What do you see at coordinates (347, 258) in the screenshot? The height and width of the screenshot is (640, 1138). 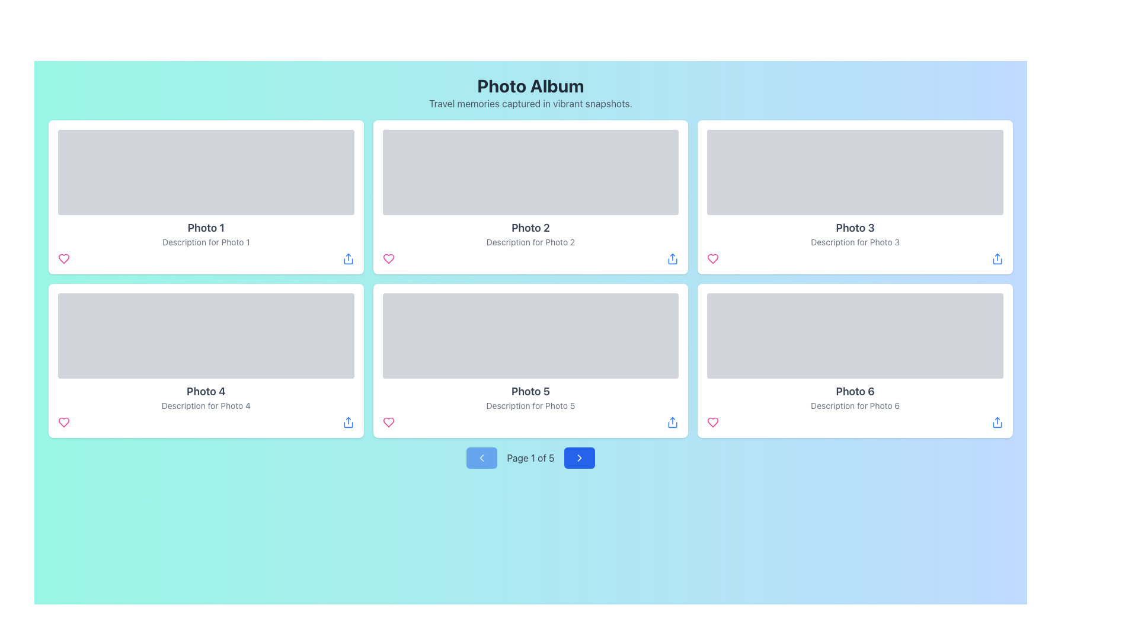 I see `the blue share icon located at the bottom-right corner of the image card labeled 'Photo 1'` at bounding box center [347, 258].